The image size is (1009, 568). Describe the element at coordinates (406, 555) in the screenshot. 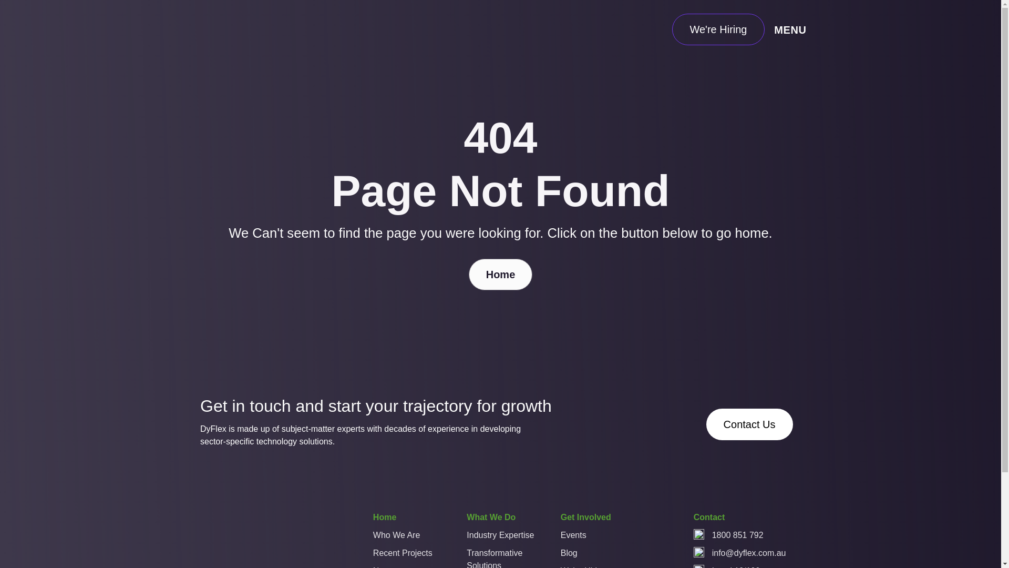

I see `'Recent Projects'` at that location.